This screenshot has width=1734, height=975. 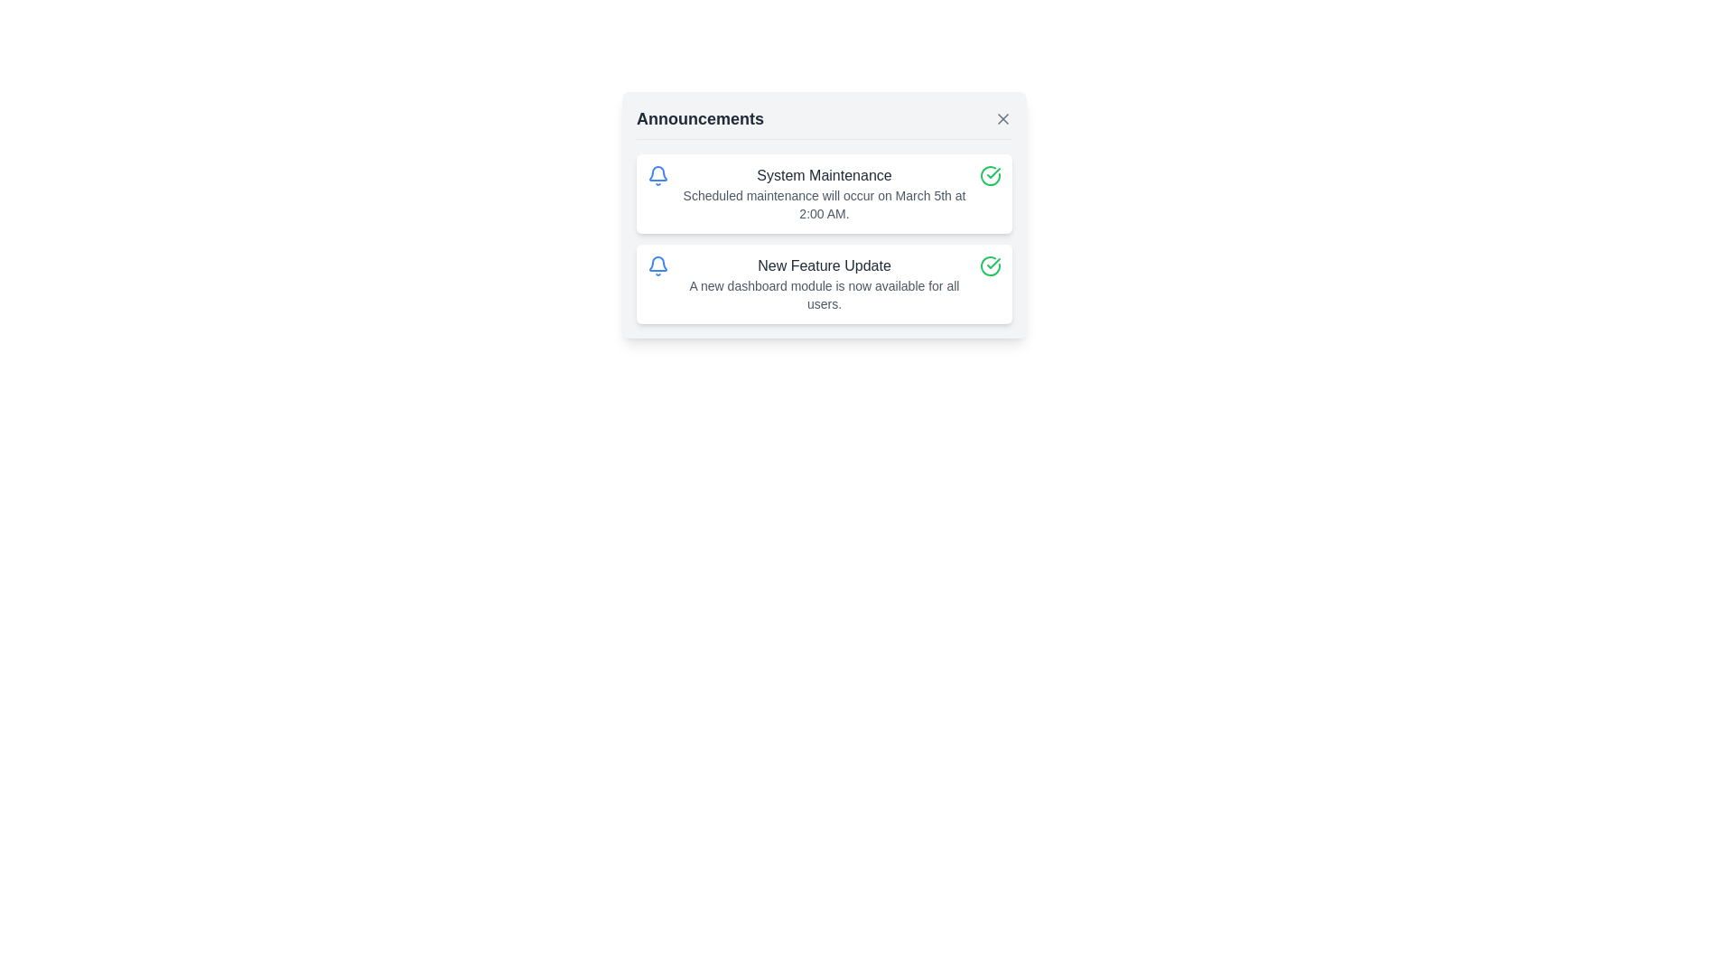 I want to click on the 'System Maintenance' informational item by moving the cursor to its center for reading, so click(x=823, y=238).